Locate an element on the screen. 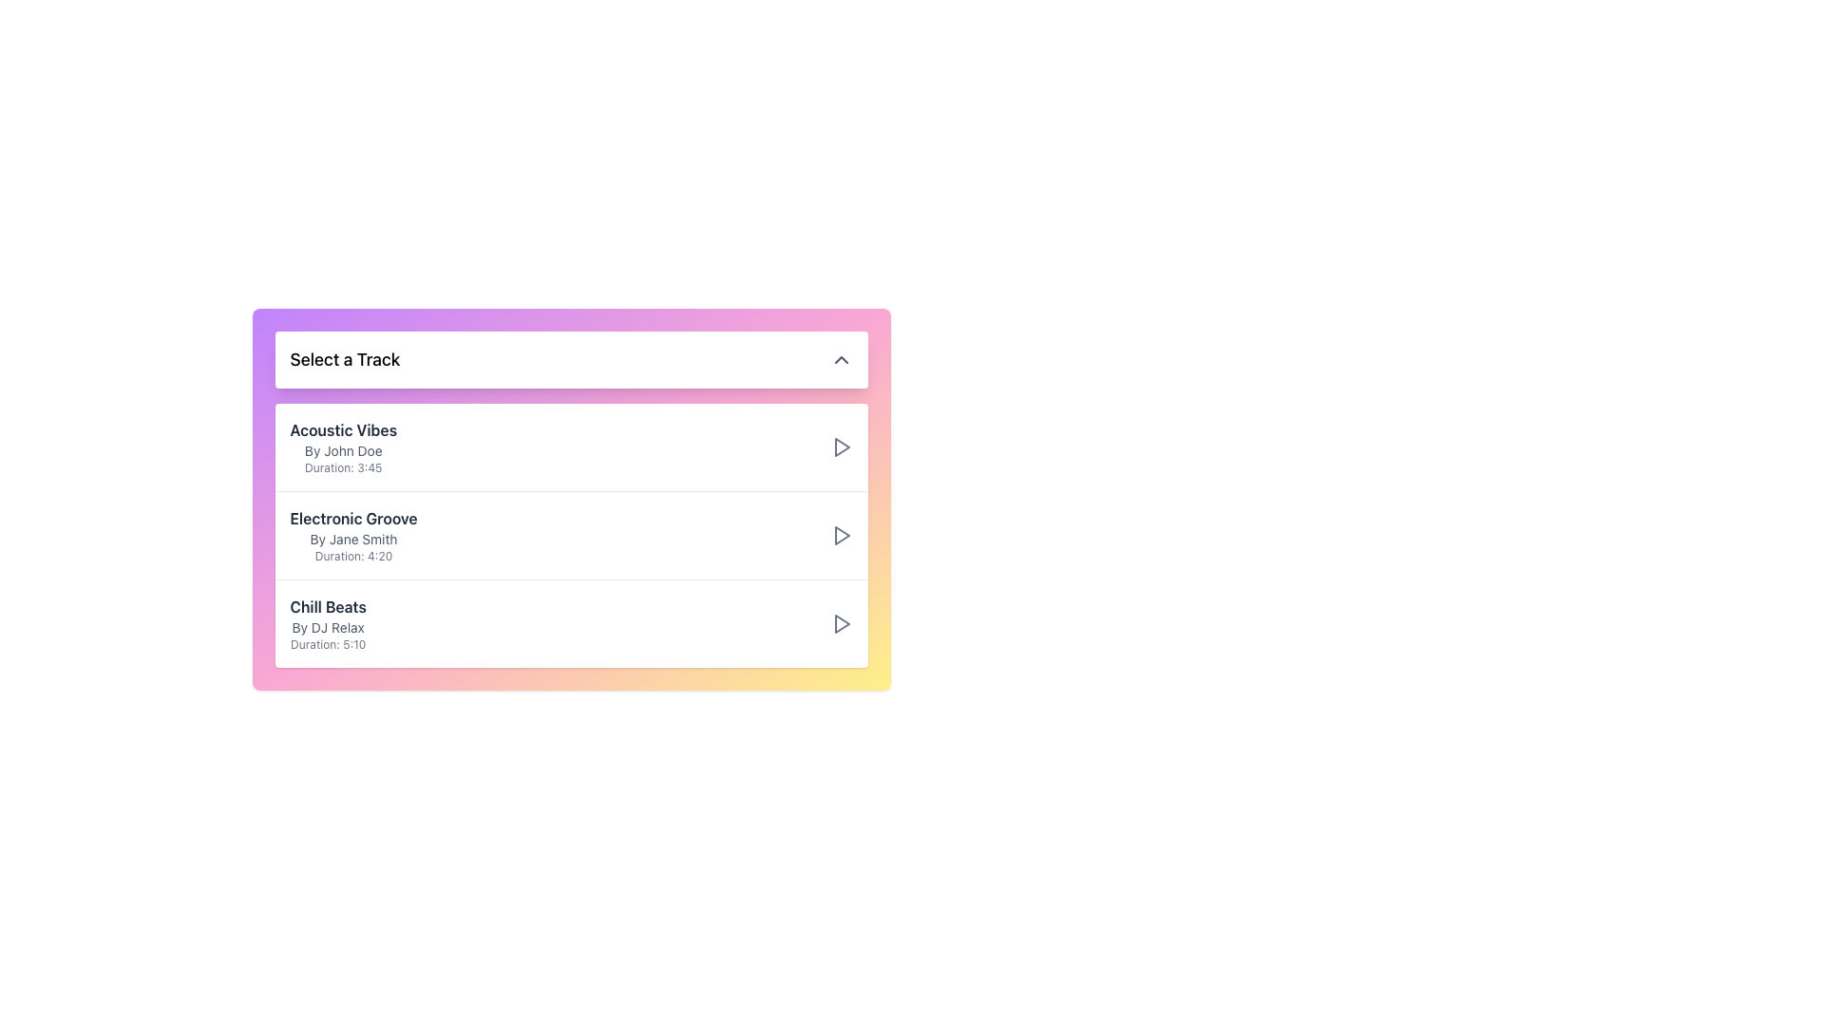 The image size is (1824, 1026). duration value displayed in the text label located at the bottom of the first list item card, centered under 'Acoustic Vibes' and 'By John Doe' is located at coordinates (343, 468).